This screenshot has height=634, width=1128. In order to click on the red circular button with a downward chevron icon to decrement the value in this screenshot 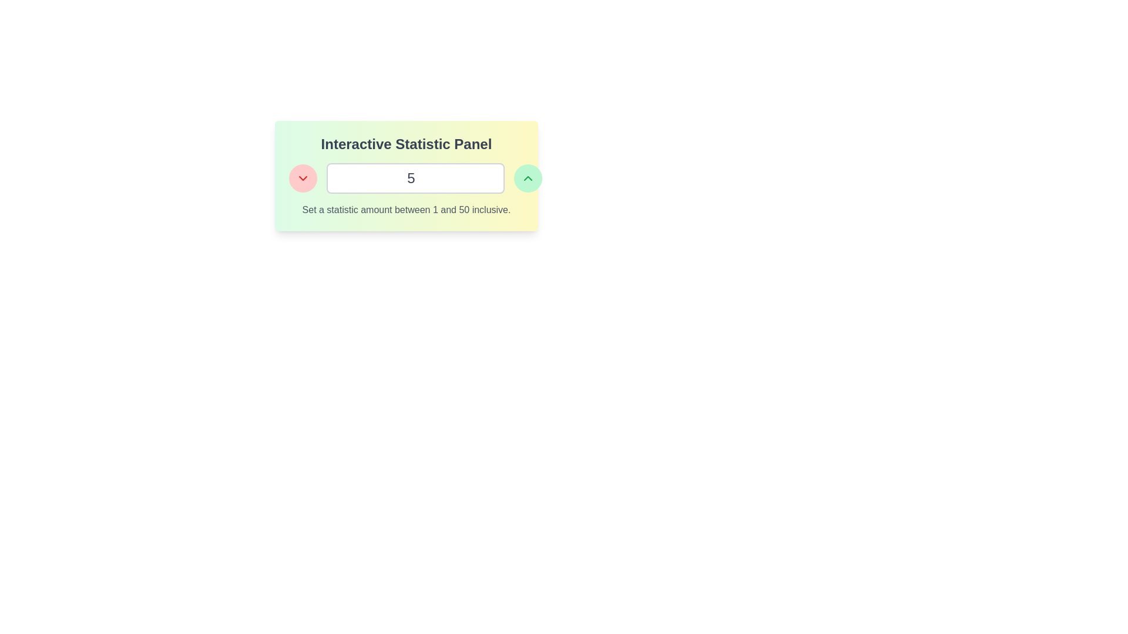, I will do `click(303, 178)`.